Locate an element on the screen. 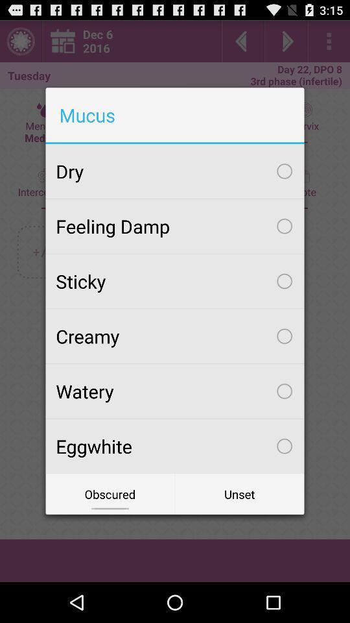 This screenshot has height=623, width=350. the checkbox above the feeling damp icon is located at coordinates (175, 171).